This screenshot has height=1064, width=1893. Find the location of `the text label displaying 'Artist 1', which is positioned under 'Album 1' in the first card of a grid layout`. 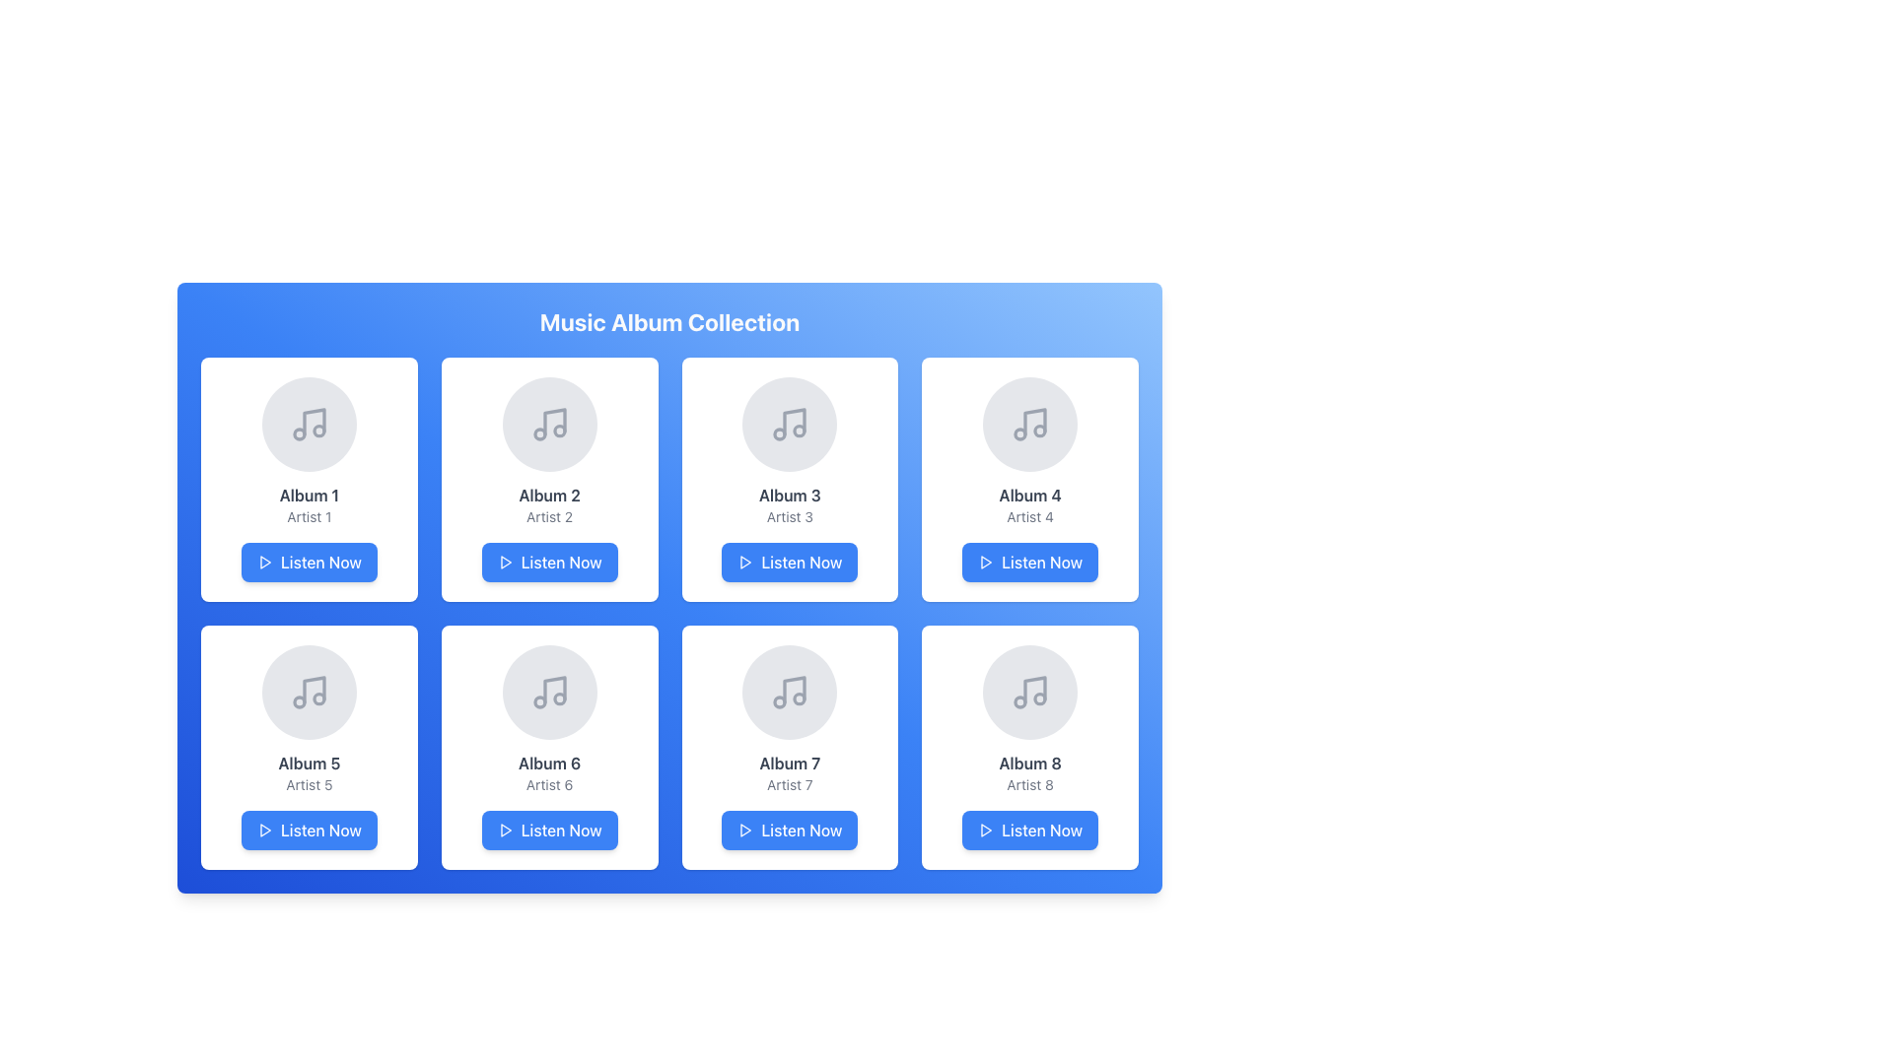

the text label displaying 'Artist 1', which is positioned under 'Album 1' in the first card of a grid layout is located at coordinates (308, 515).